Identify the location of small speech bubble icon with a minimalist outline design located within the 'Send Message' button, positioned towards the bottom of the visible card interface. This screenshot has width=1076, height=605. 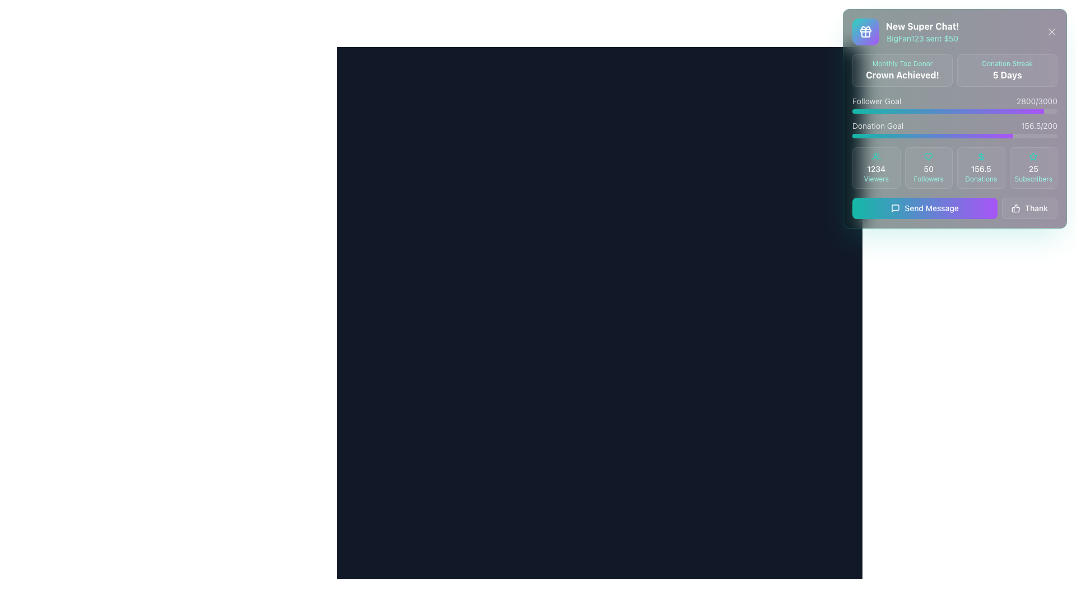
(895, 208).